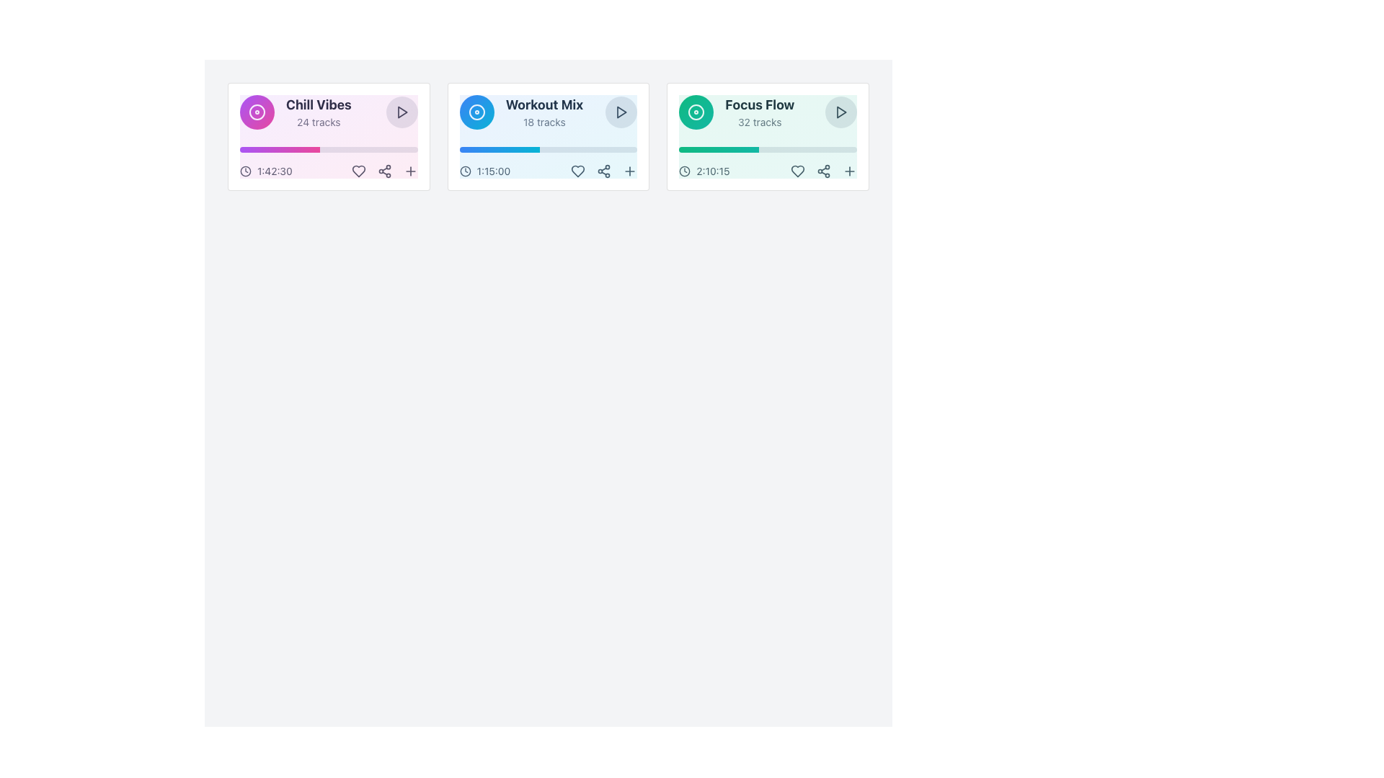  I want to click on the animated icon indicating loading or processing state within the 'Workout Mix' card, located above the text '18 tracks', so click(476, 111).